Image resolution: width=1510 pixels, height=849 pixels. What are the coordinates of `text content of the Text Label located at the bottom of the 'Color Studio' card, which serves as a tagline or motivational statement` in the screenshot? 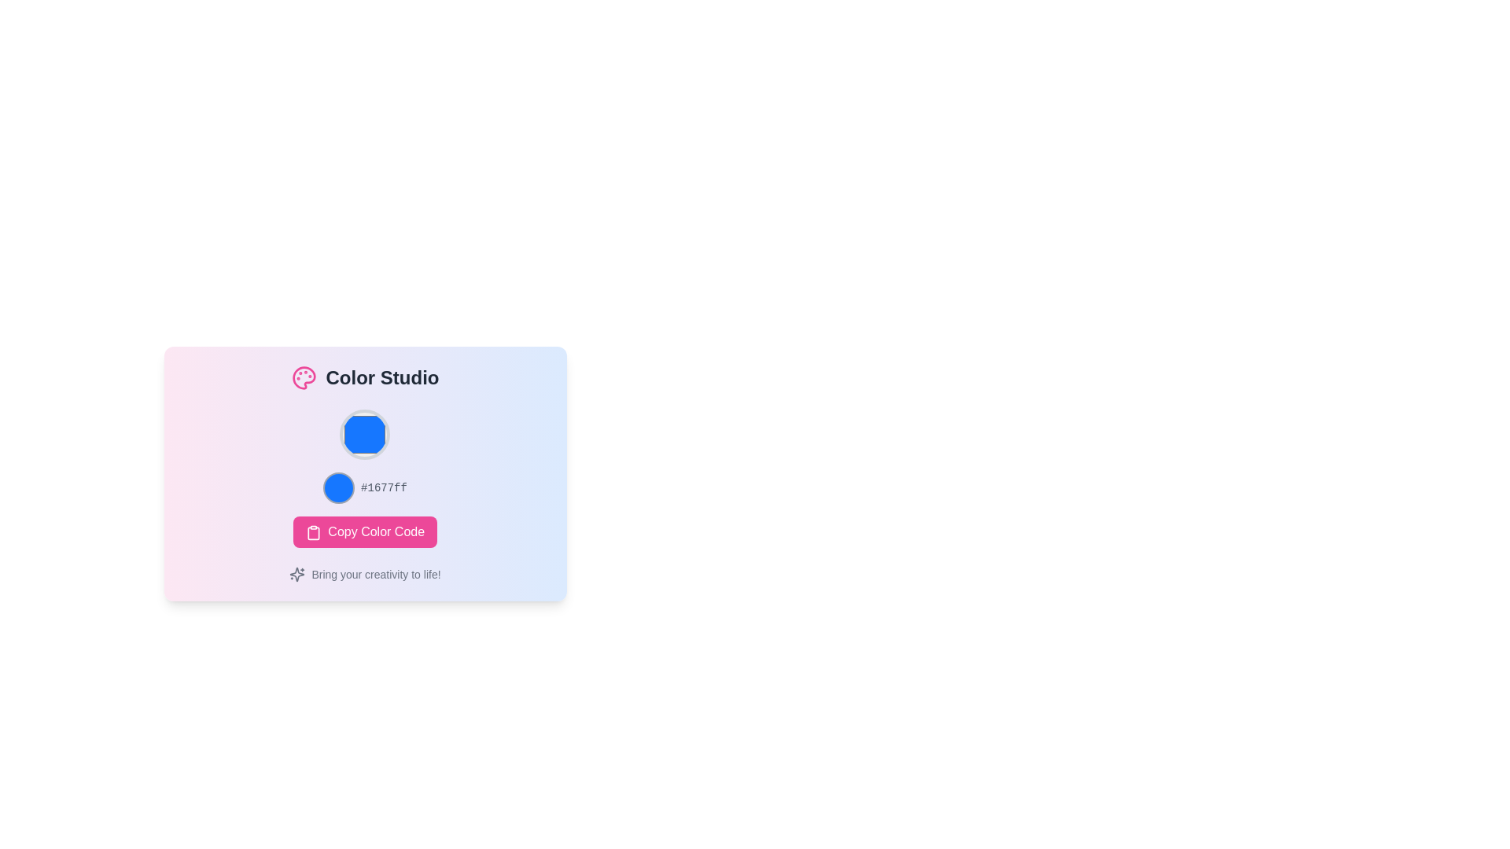 It's located at (364, 575).